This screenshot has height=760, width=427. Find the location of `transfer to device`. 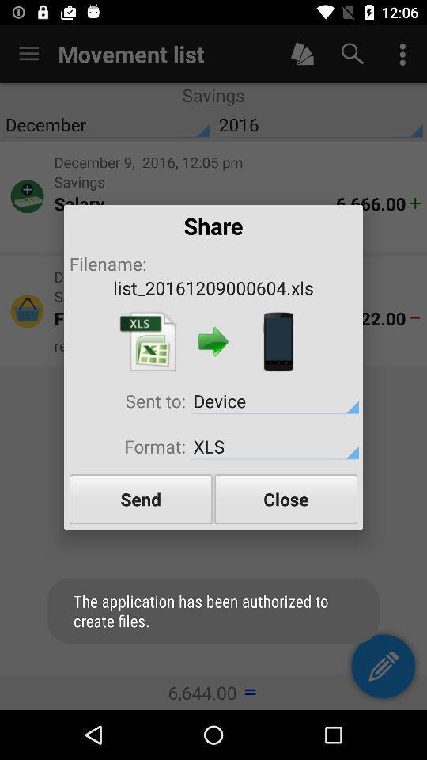

transfer to device is located at coordinates (278, 341).